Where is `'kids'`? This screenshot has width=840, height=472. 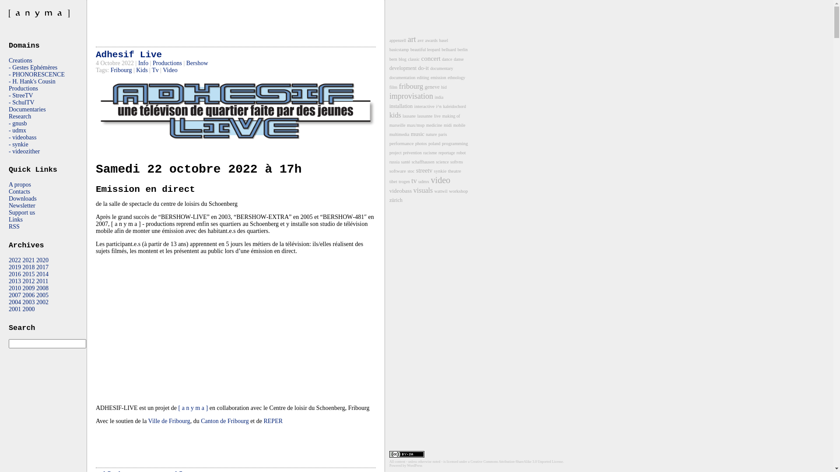 'kids' is located at coordinates (395, 115).